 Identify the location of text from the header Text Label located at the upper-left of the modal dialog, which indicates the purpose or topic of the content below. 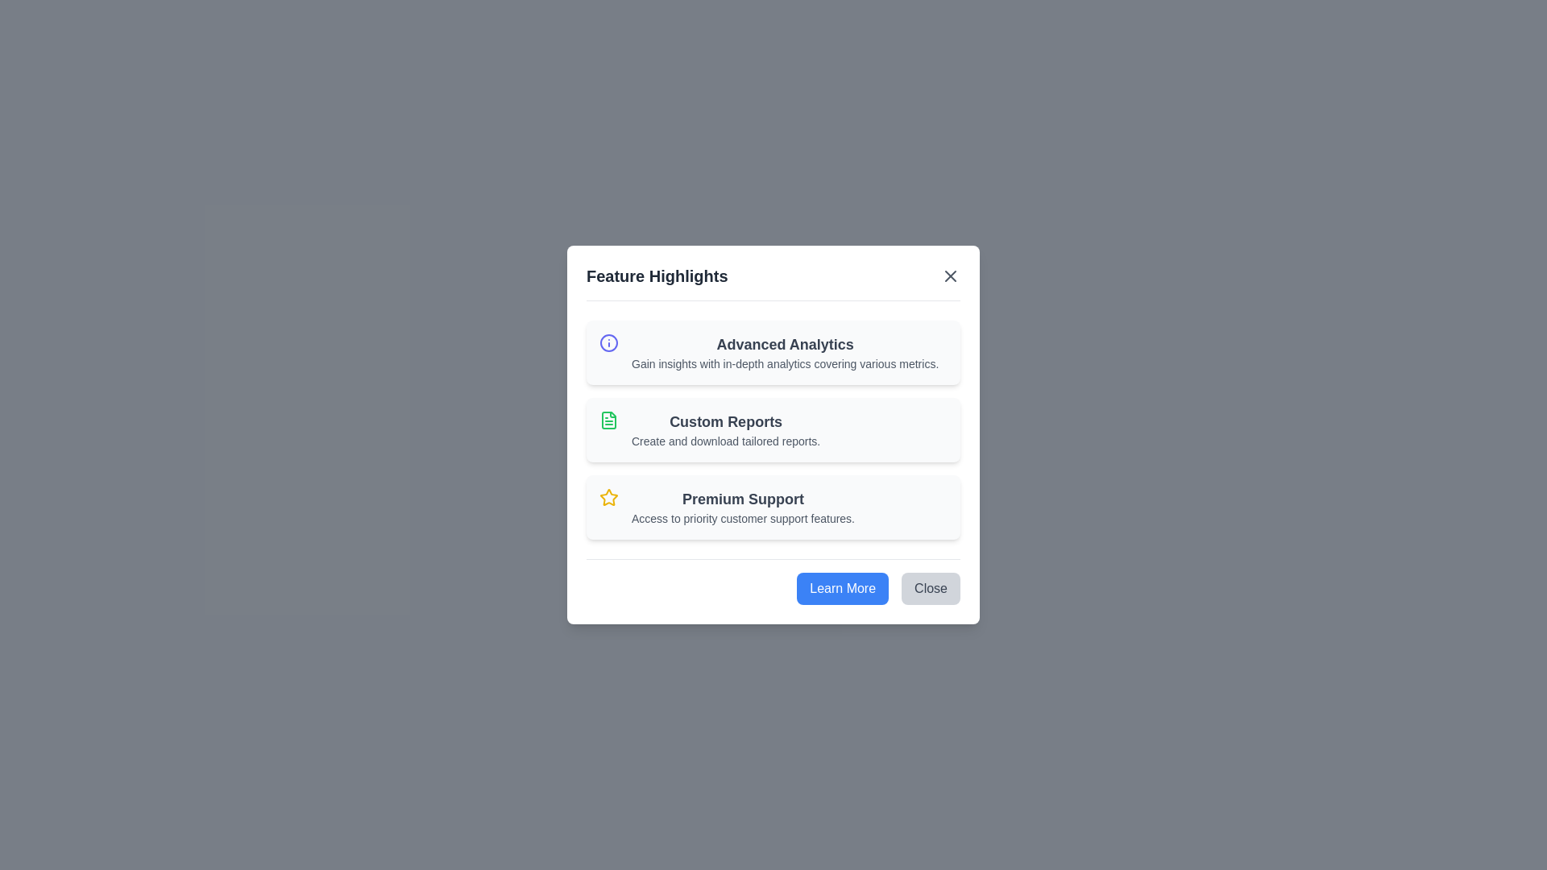
(657, 275).